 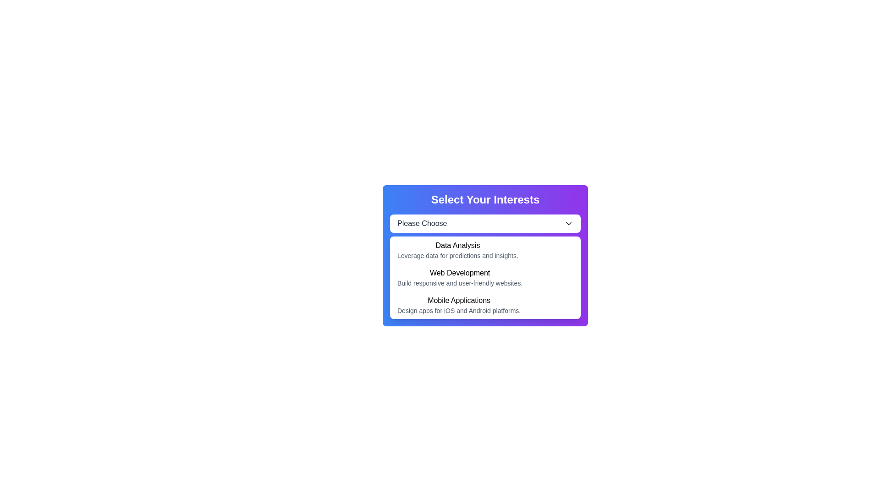 I want to click on the first Text label in the selectable list titled 'Select Your Interests', which provides information about data analysis, so click(x=457, y=250).